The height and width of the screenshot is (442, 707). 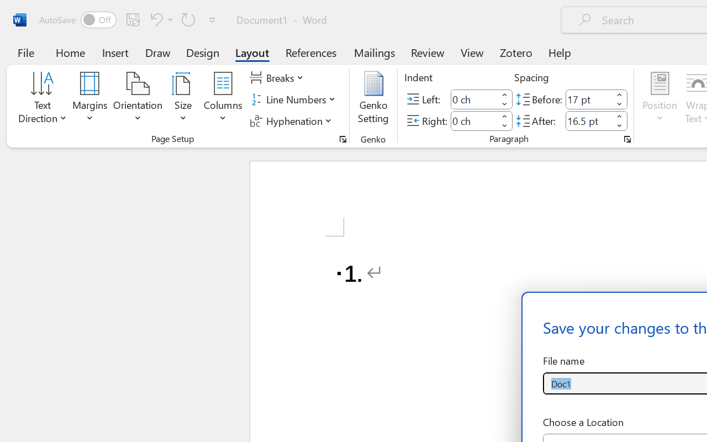 What do you see at coordinates (659, 99) in the screenshot?
I see `'Position'` at bounding box center [659, 99].